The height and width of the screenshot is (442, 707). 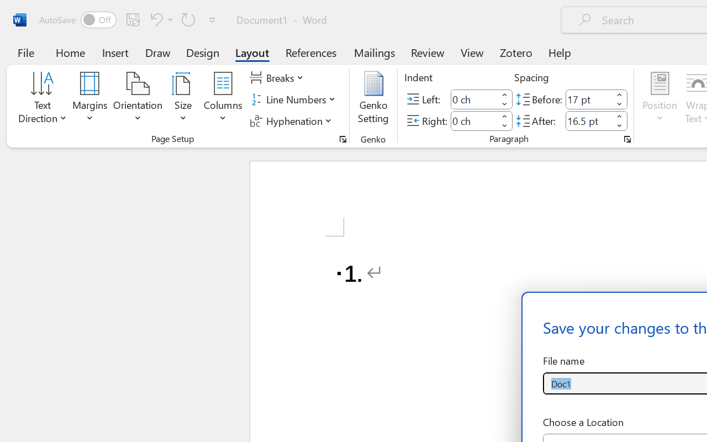 What do you see at coordinates (659, 99) in the screenshot?
I see `'Position'` at bounding box center [659, 99].